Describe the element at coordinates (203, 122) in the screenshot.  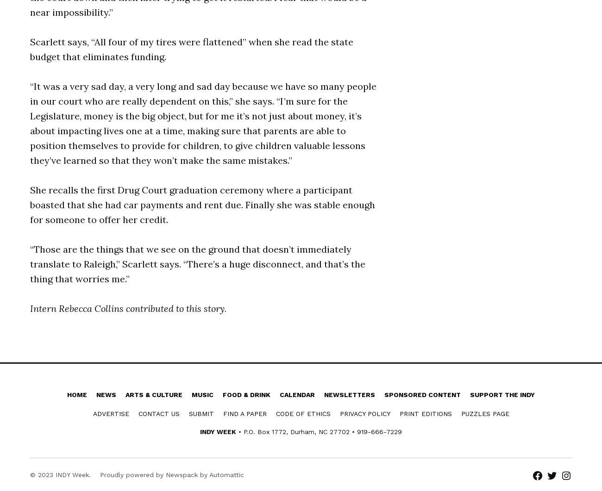
I see `'“It was a very sad day, a very long and sad day because we have so many people in our court who are really dependent on this,” she says. “I’m sure for the Legislature, money is the big object, but for me it’s not just about money, it’s about impacting lives one at a time, making sure that parents are able to position themselves to provide for children, to give children valuable lessons they’ve learned so that they won’t make the same mistakes.”'` at that location.